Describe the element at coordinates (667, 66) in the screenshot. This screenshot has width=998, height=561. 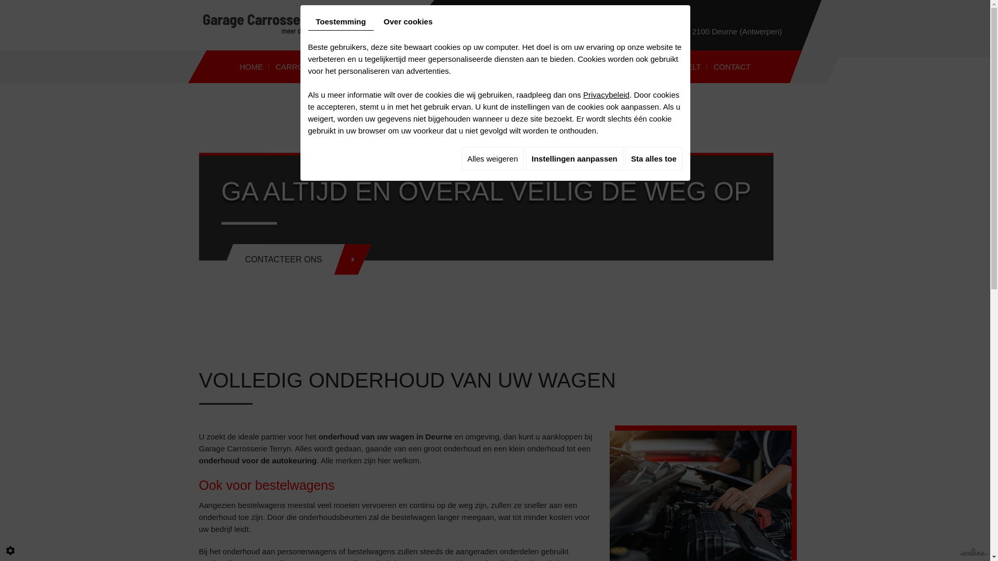
I see `'UW MENING TELT'` at that location.